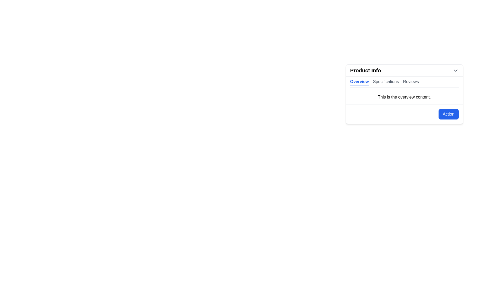 The width and height of the screenshot is (503, 283). I want to click on the 'Specifications' tab label, which is styled in a gray font and indicates an inactive state, located in the horizontal navigation bar between 'Overview' and 'Reviews', so click(386, 82).